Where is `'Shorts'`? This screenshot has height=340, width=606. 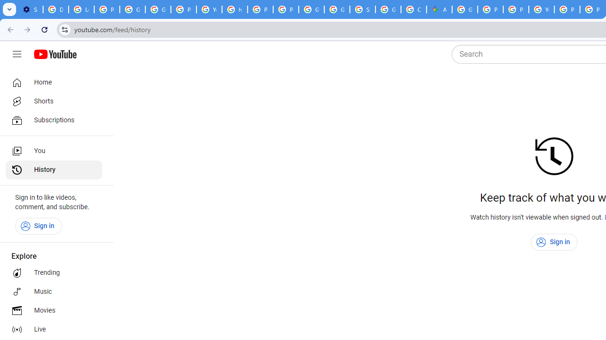
'Shorts' is located at coordinates (53, 101).